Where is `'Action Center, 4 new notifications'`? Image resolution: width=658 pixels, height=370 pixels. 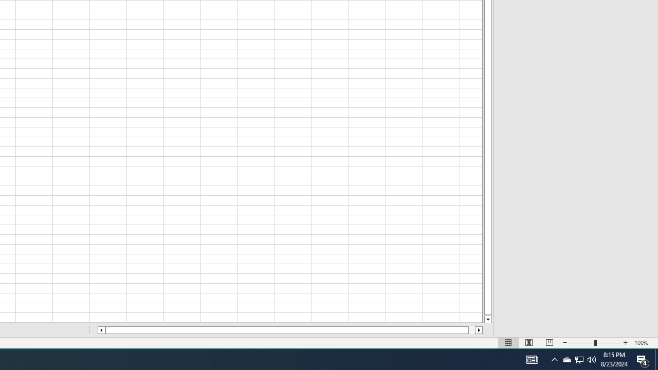
'Action Center, 4 new notifications' is located at coordinates (643, 359).